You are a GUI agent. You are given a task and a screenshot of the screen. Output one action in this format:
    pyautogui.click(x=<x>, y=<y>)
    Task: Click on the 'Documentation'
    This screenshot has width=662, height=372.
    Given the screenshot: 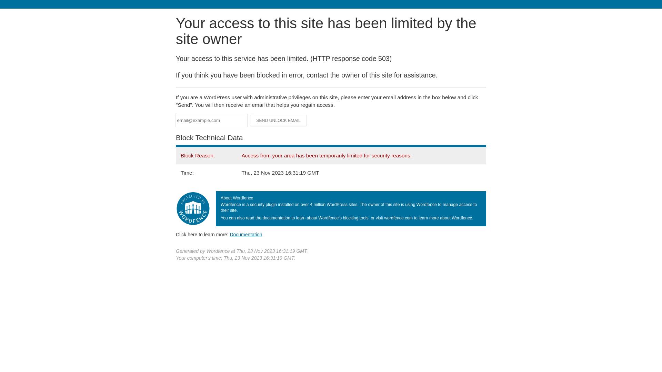 What is the action you would take?
    pyautogui.click(x=246, y=234)
    